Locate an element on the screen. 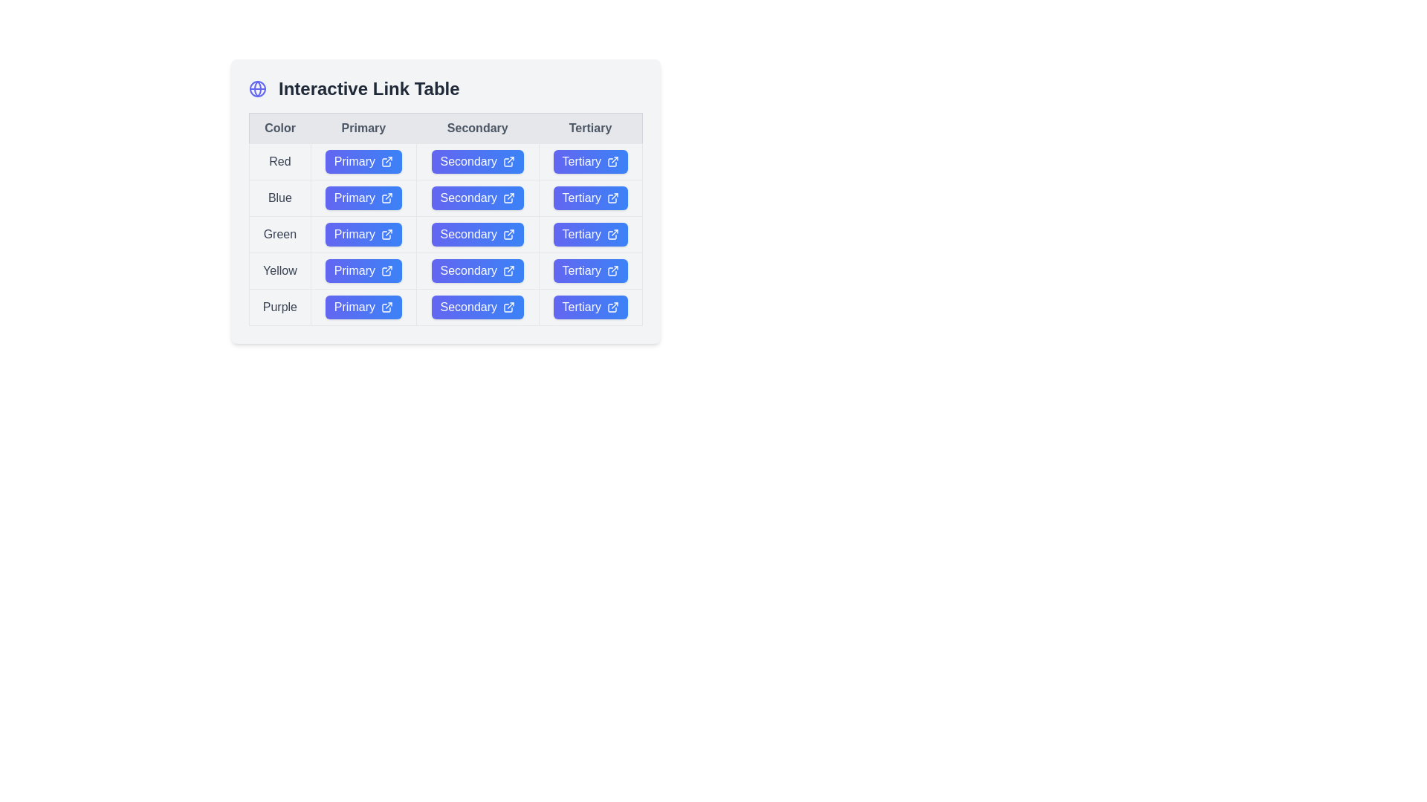 The width and height of the screenshot is (1427, 802). the 'Primary' action button is located at coordinates (363, 306).